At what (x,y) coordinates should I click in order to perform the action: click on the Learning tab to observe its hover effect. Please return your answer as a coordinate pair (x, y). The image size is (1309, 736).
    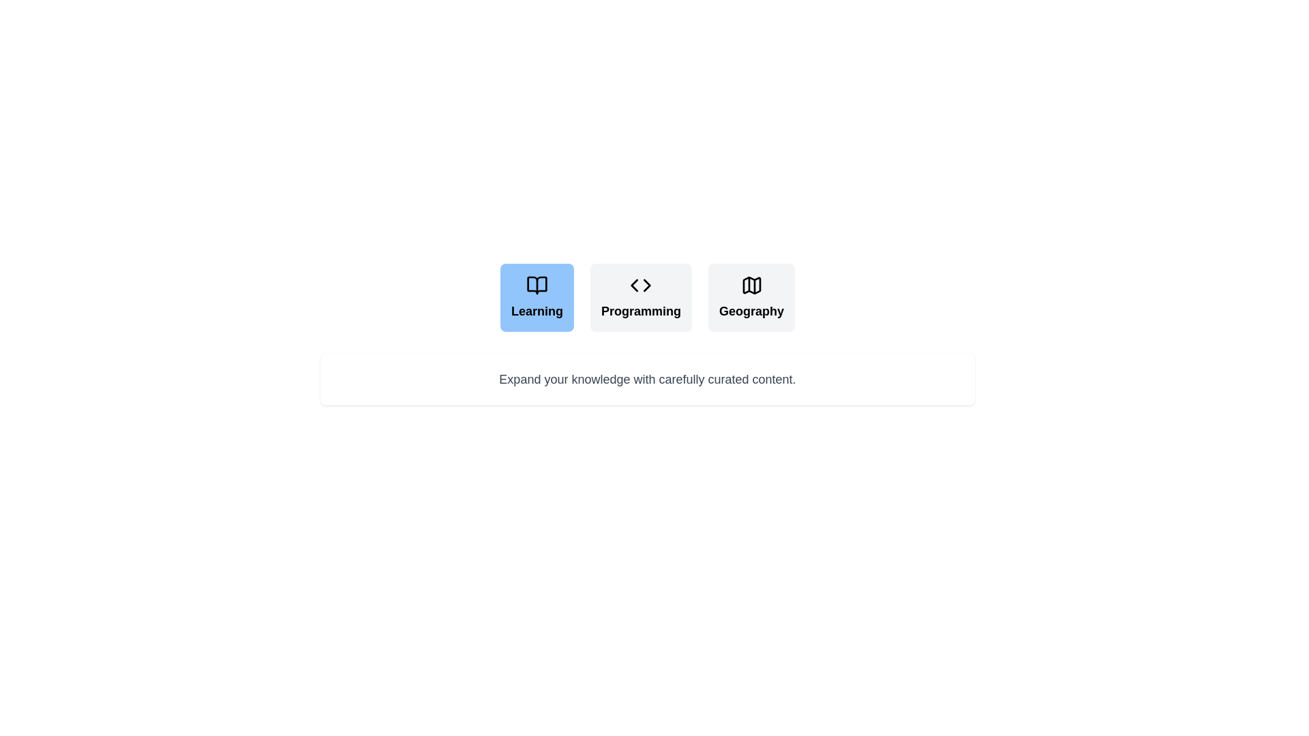
    Looking at the image, I should click on (536, 296).